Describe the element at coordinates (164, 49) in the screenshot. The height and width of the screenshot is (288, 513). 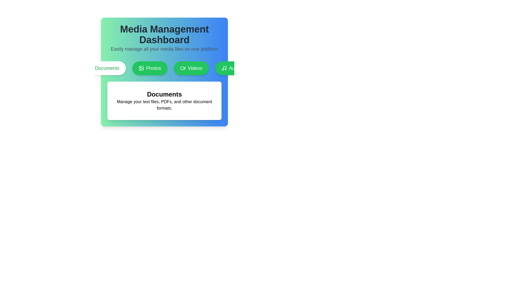
I see `the descriptive text element located beneath the heading 'Media Management Dashboard', which elaborates on the dashboard's capability to manage media files` at that location.